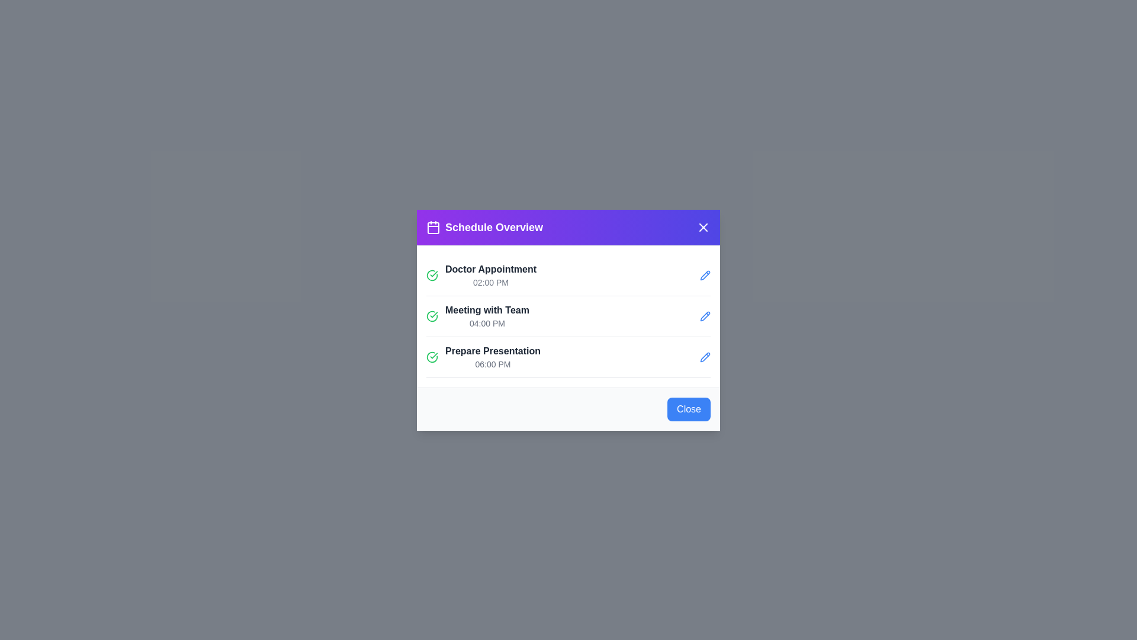 The image size is (1137, 640). What do you see at coordinates (493, 356) in the screenshot?
I see `the 'Prepare Presentation' text which is the third item in a vertical list of events in the modal dialog titled 'Schedule Overview' for further details` at bounding box center [493, 356].